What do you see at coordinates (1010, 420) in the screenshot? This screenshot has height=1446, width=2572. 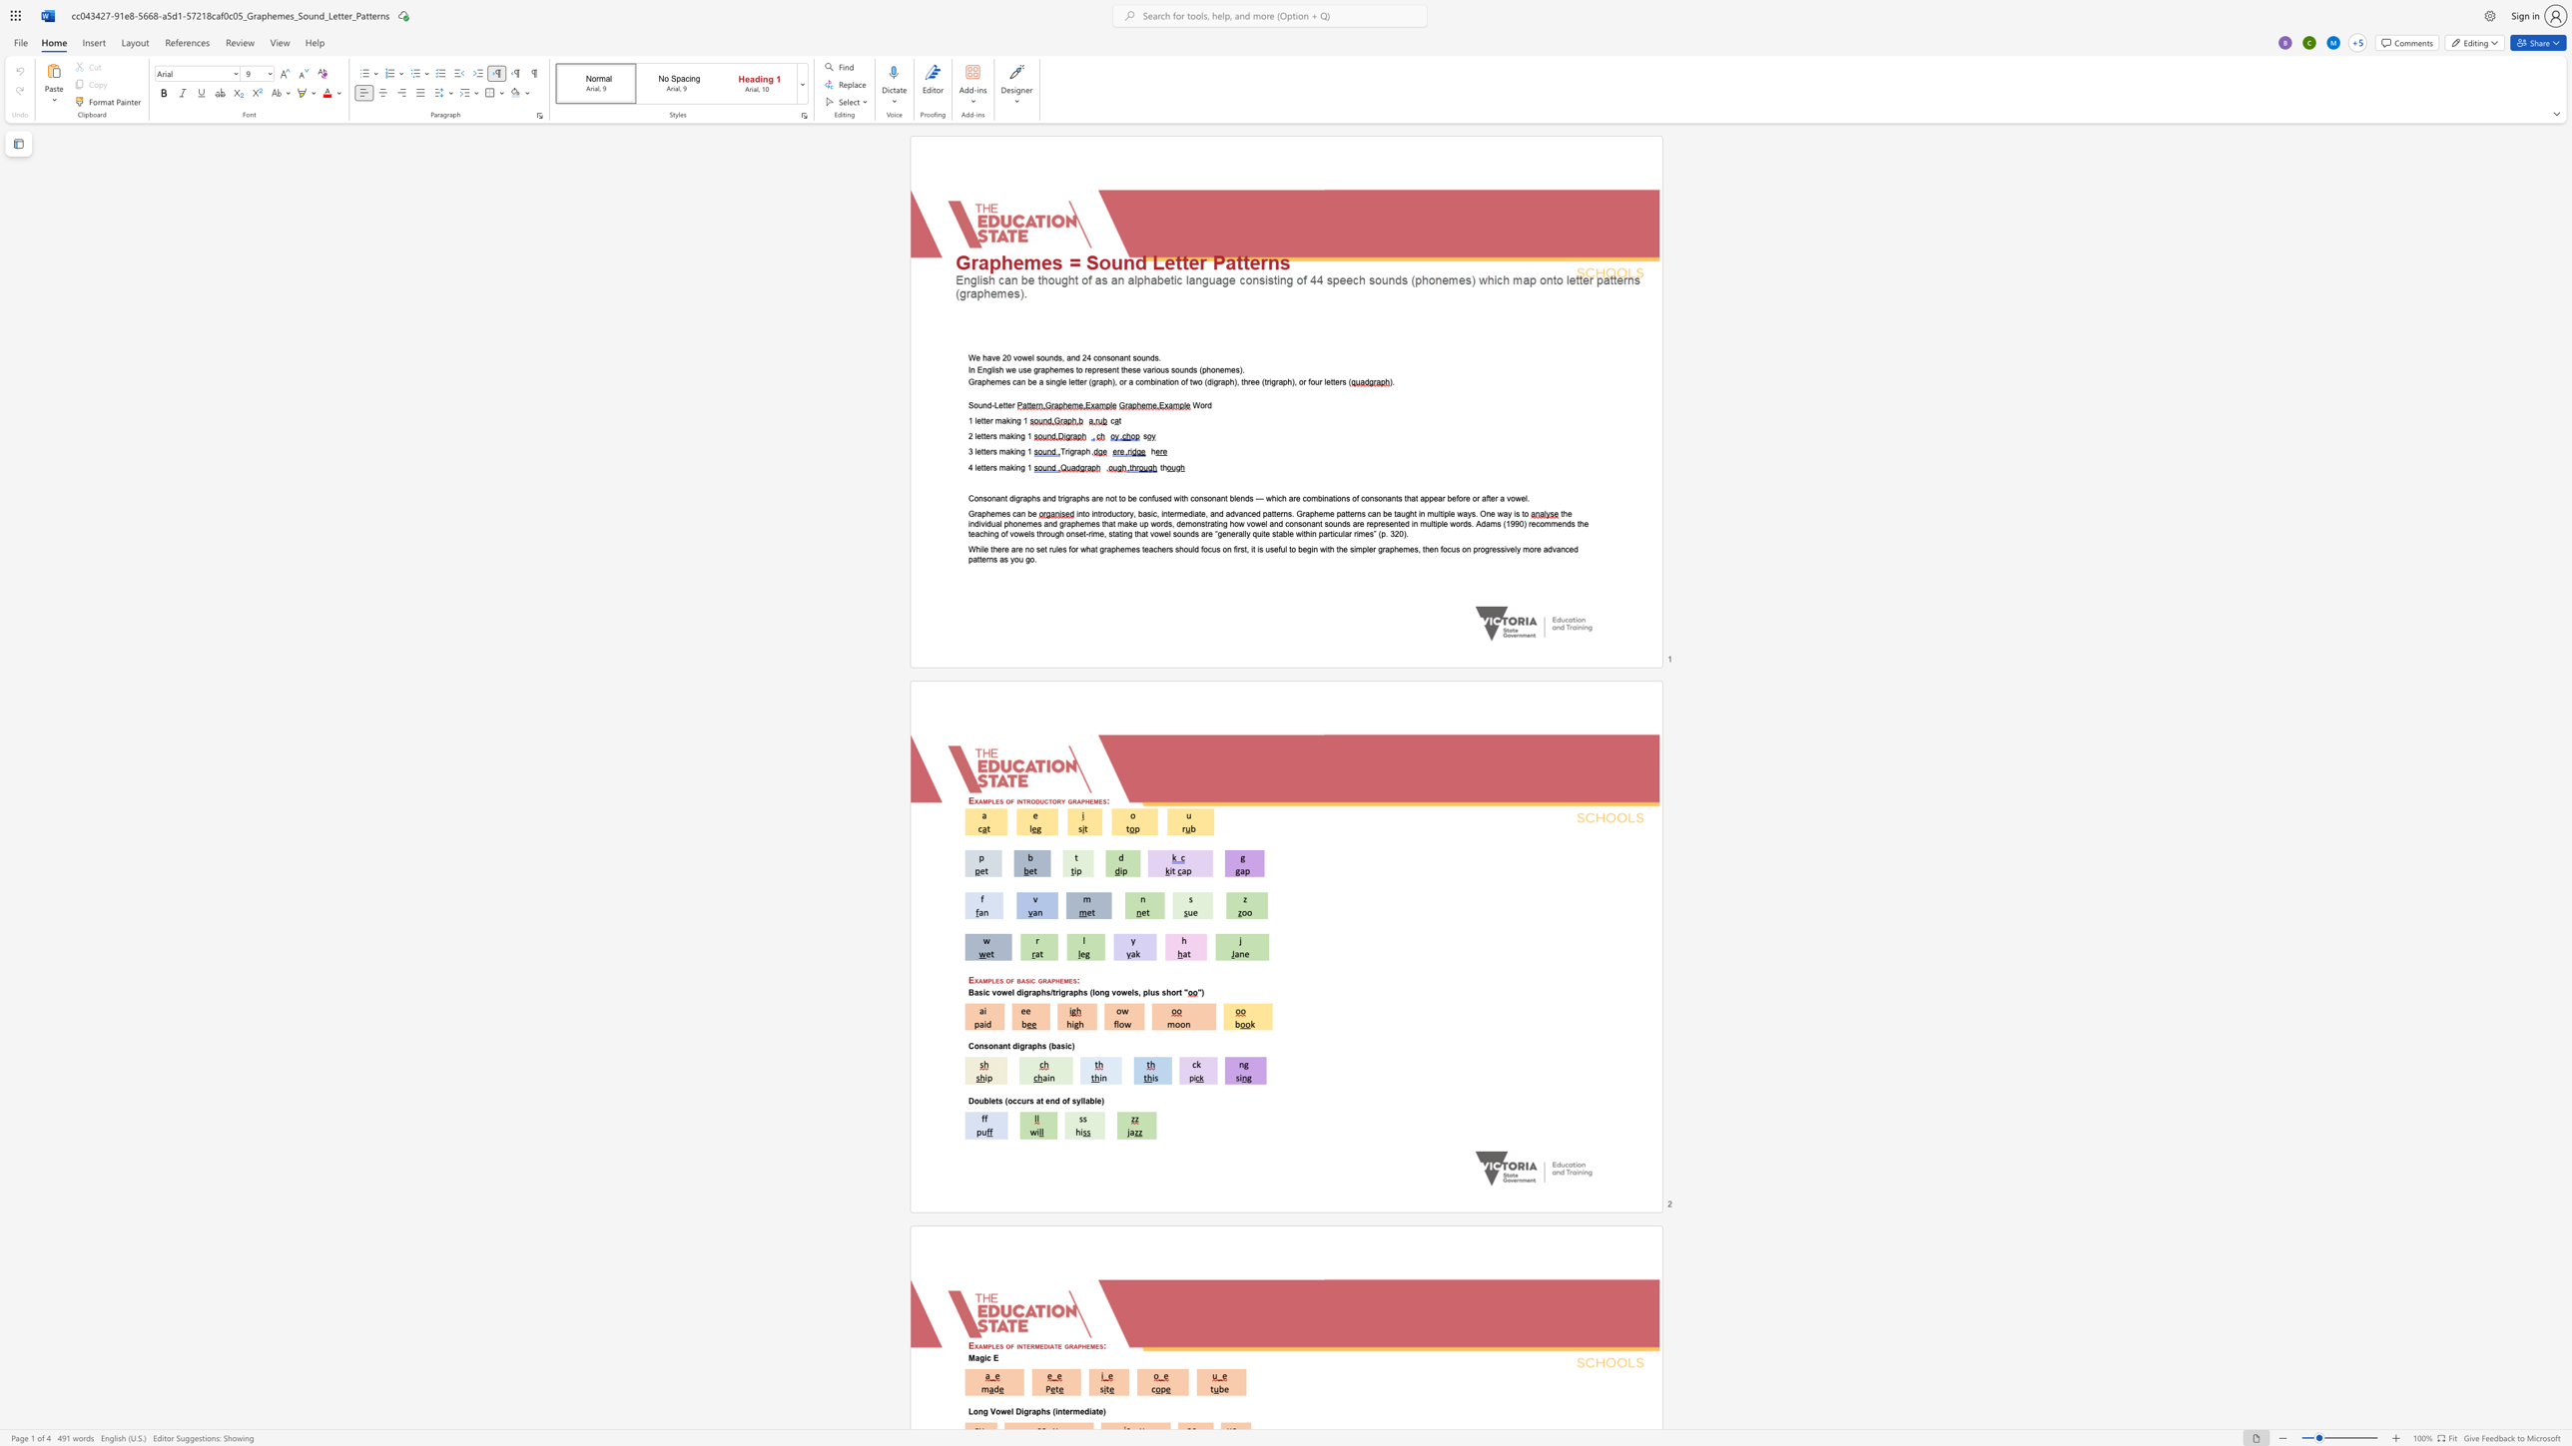 I see `the 1th character "i" in the text` at bounding box center [1010, 420].